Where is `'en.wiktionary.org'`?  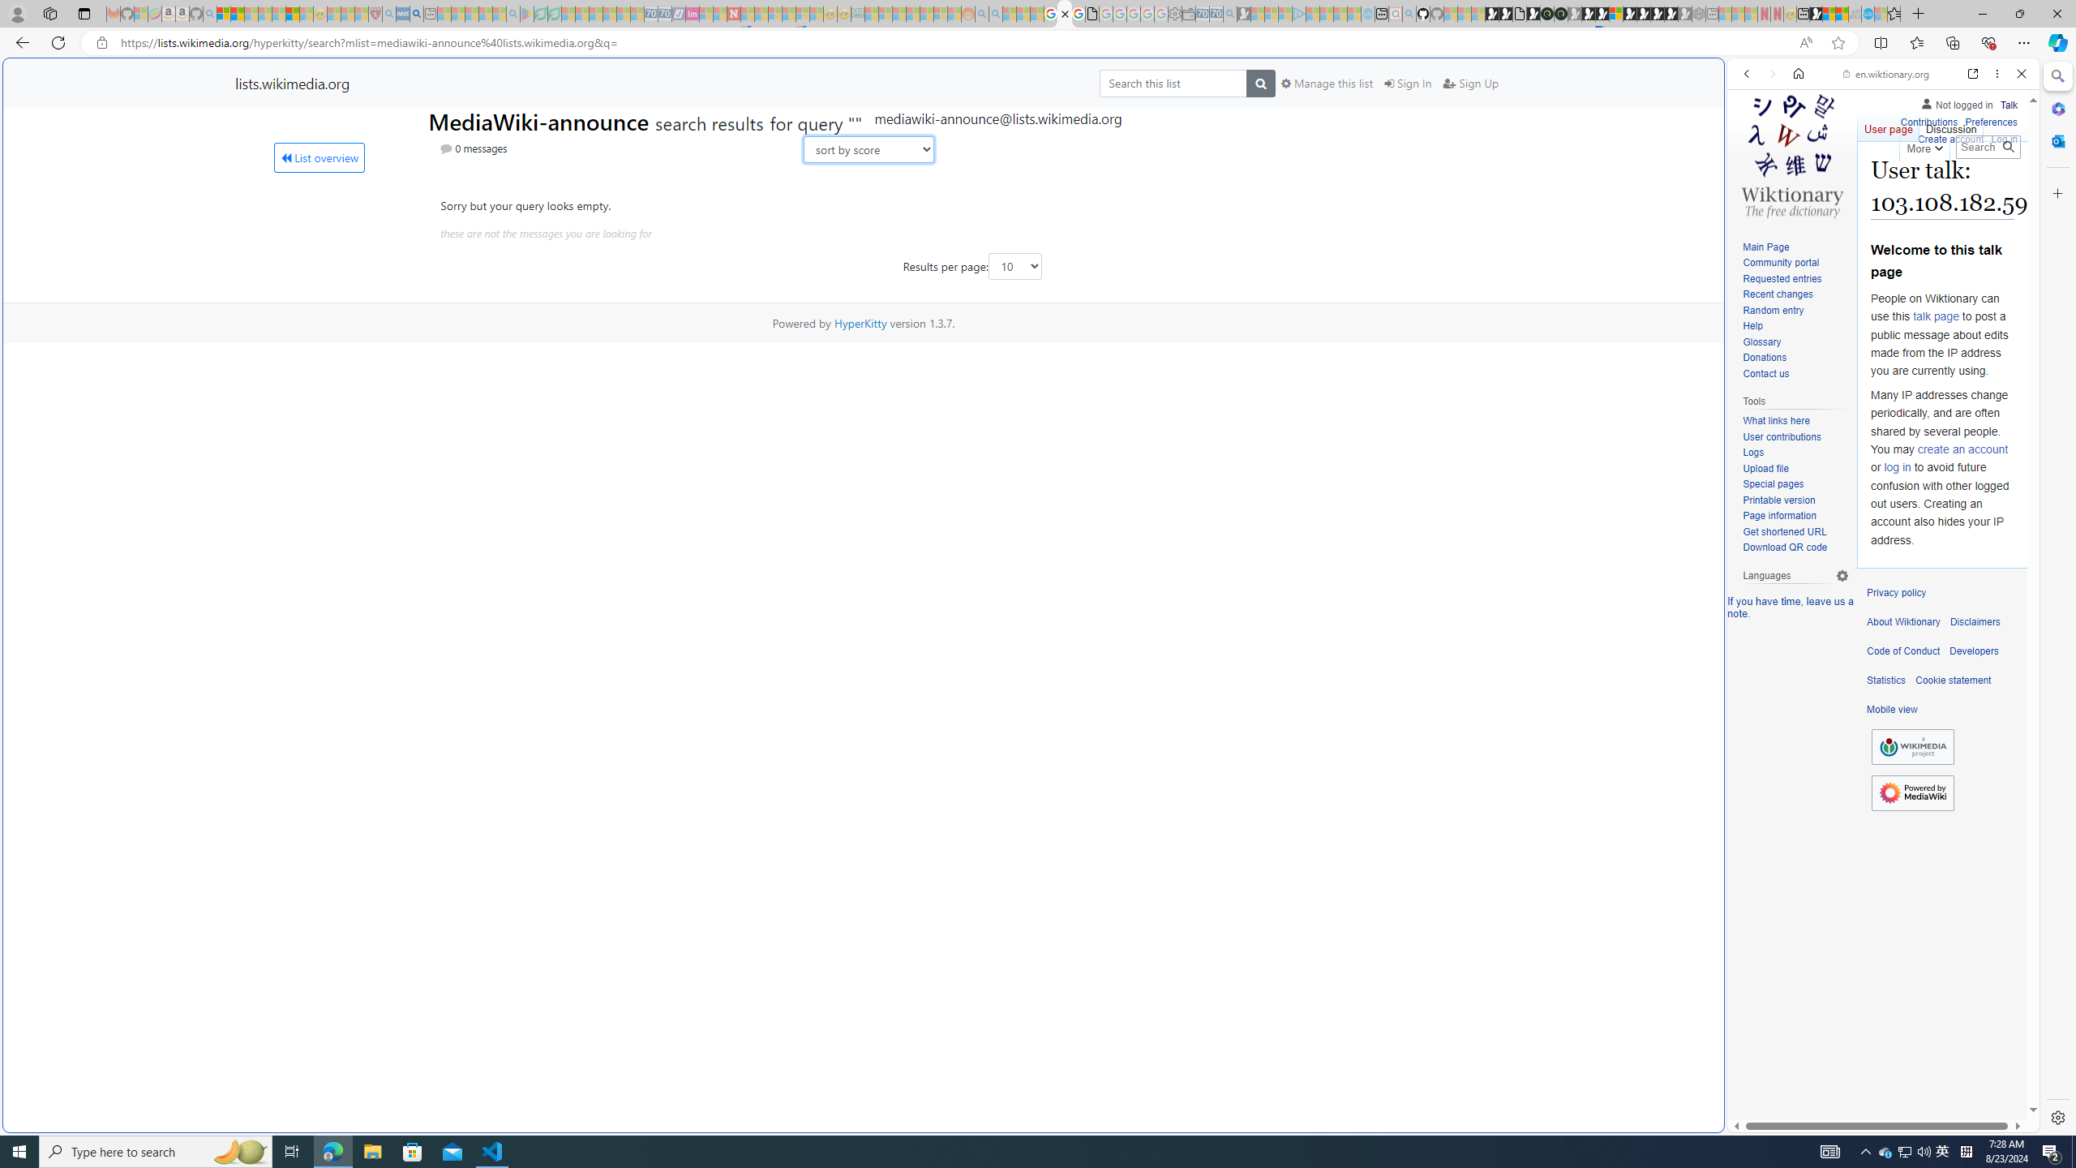 'en.wiktionary.org' is located at coordinates (1887, 74).